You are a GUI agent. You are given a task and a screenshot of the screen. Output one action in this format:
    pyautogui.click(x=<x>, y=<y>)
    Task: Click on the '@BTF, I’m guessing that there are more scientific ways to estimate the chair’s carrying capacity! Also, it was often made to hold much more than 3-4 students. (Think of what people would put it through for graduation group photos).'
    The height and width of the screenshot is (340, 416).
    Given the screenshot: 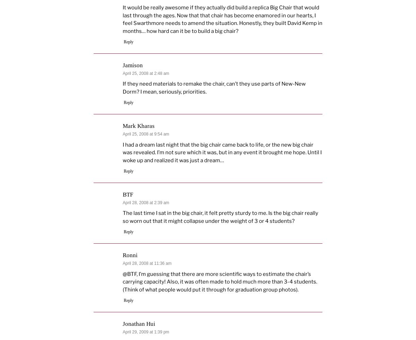 What is the action you would take?
    pyautogui.click(x=123, y=281)
    